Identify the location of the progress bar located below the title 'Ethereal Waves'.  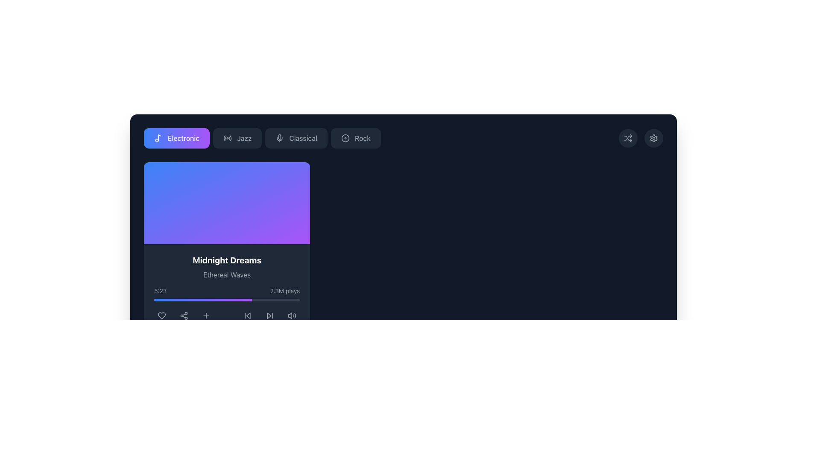
(227, 294).